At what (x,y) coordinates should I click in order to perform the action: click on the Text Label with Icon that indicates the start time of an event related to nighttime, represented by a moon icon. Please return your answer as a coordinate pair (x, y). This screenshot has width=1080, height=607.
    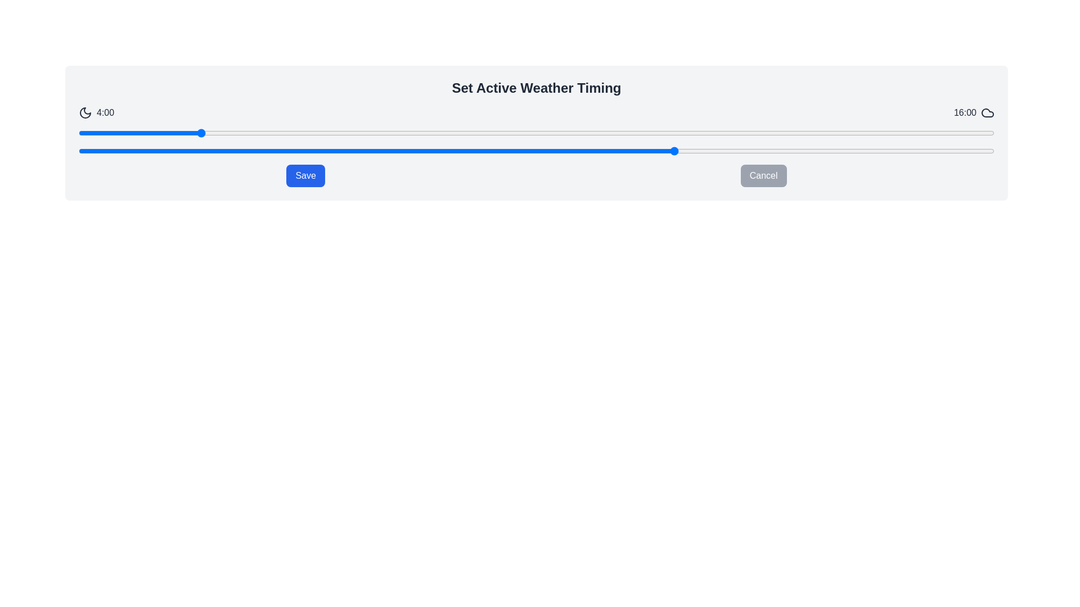
    Looking at the image, I should click on (96, 112).